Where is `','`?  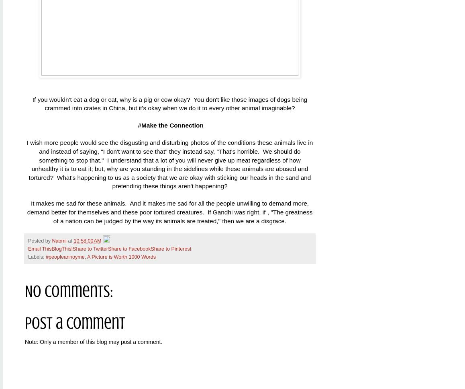 ',' is located at coordinates (86, 256).